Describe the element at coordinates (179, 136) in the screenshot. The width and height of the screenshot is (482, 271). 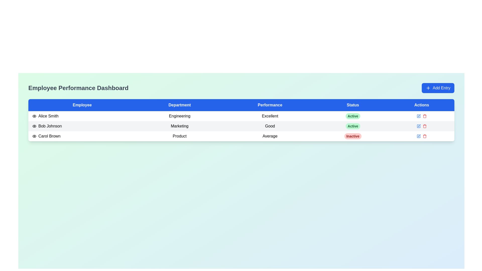
I see `text content of the informational label indicating the department associated with the individual in the third row of the table, under the 'Department' column` at that location.